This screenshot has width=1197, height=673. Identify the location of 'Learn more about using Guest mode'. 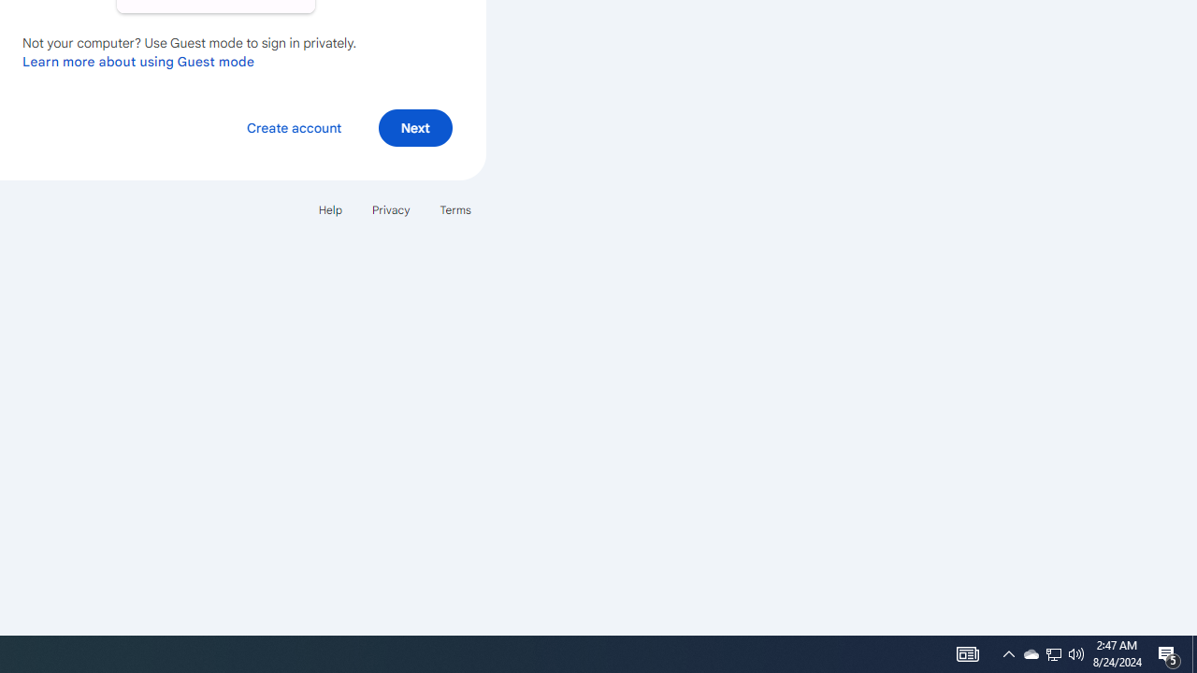
(137, 60).